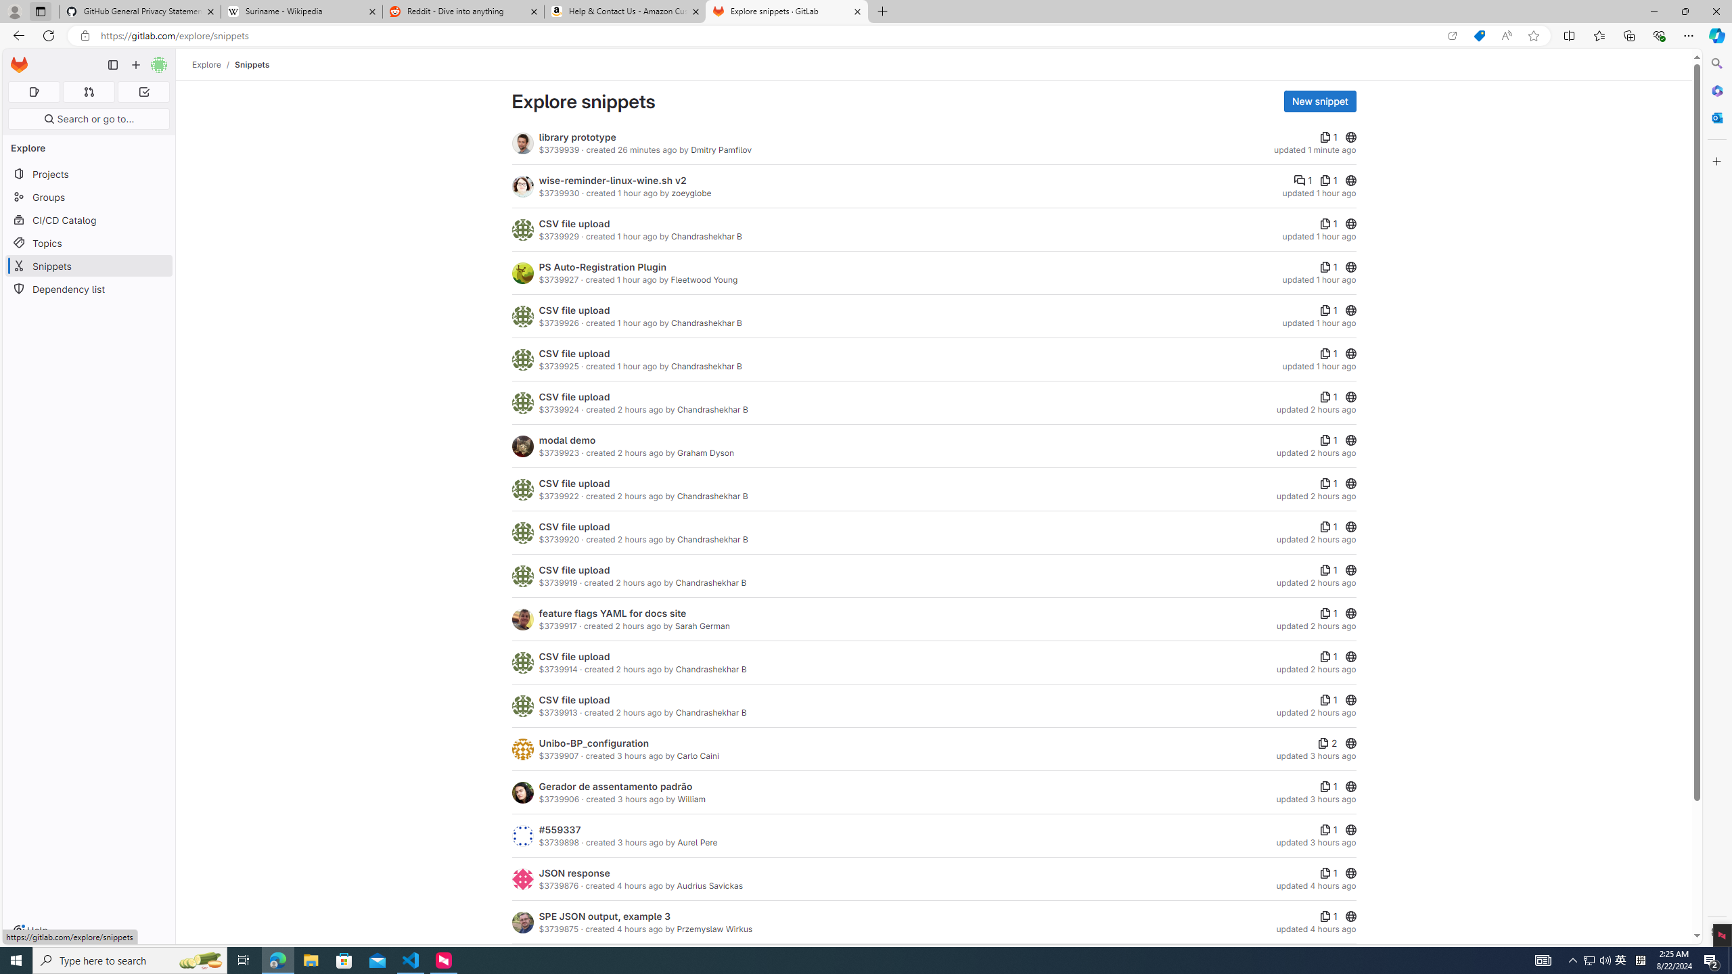  I want to click on 'Explore', so click(206, 64).